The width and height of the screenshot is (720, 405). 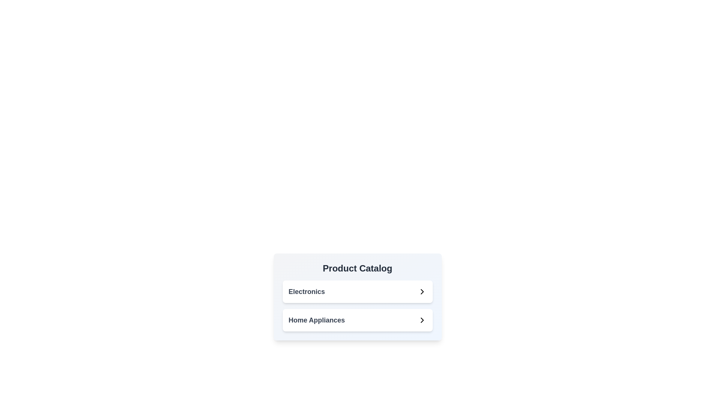 What do you see at coordinates (357, 291) in the screenshot?
I see `the 'Electronics' selectable card, which is the first item in a vertical stack of options` at bounding box center [357, 291].